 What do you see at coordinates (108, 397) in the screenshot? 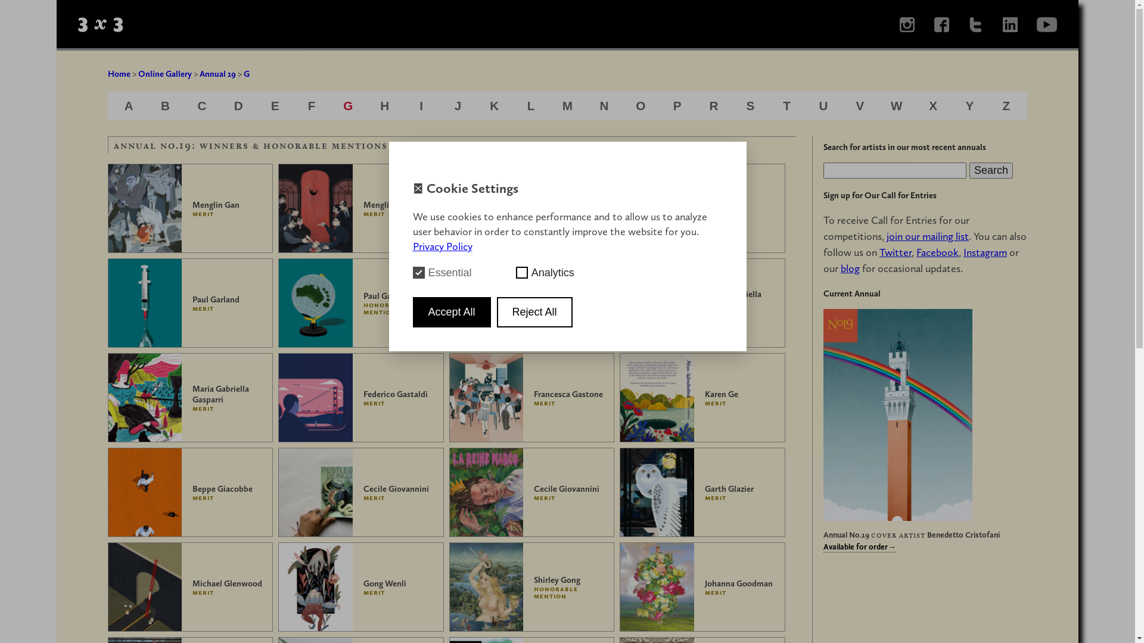
I see `'Maria Gabriella Gasparri` at bounding box center [108, 397].